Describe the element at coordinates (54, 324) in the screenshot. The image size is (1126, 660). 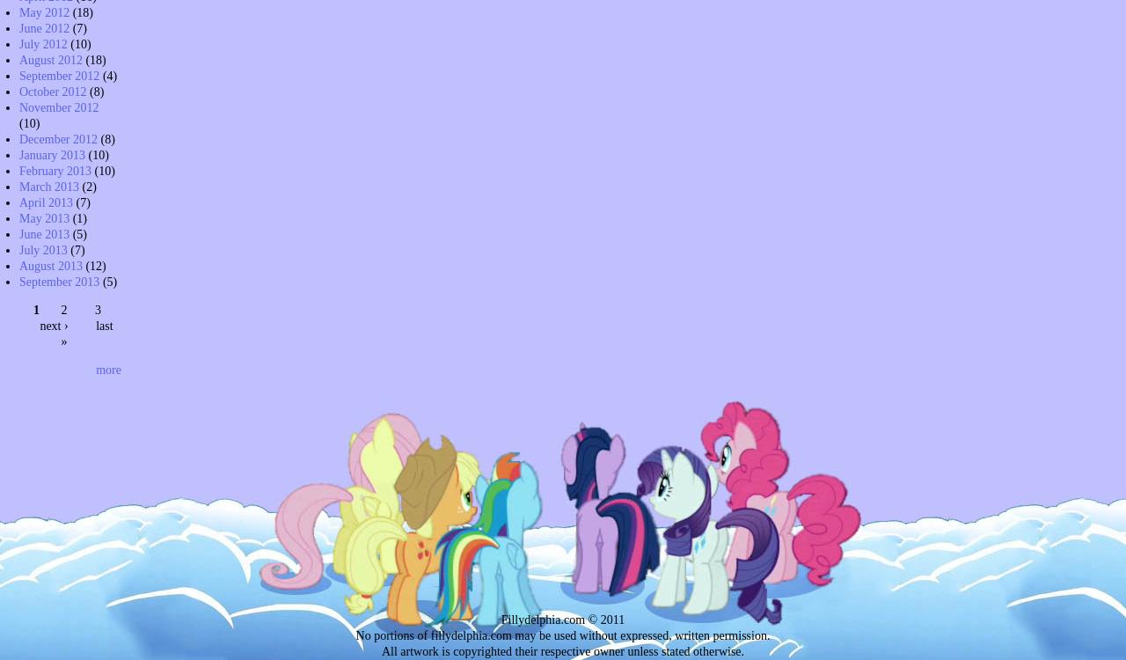
I see `'next ›'` at that location.